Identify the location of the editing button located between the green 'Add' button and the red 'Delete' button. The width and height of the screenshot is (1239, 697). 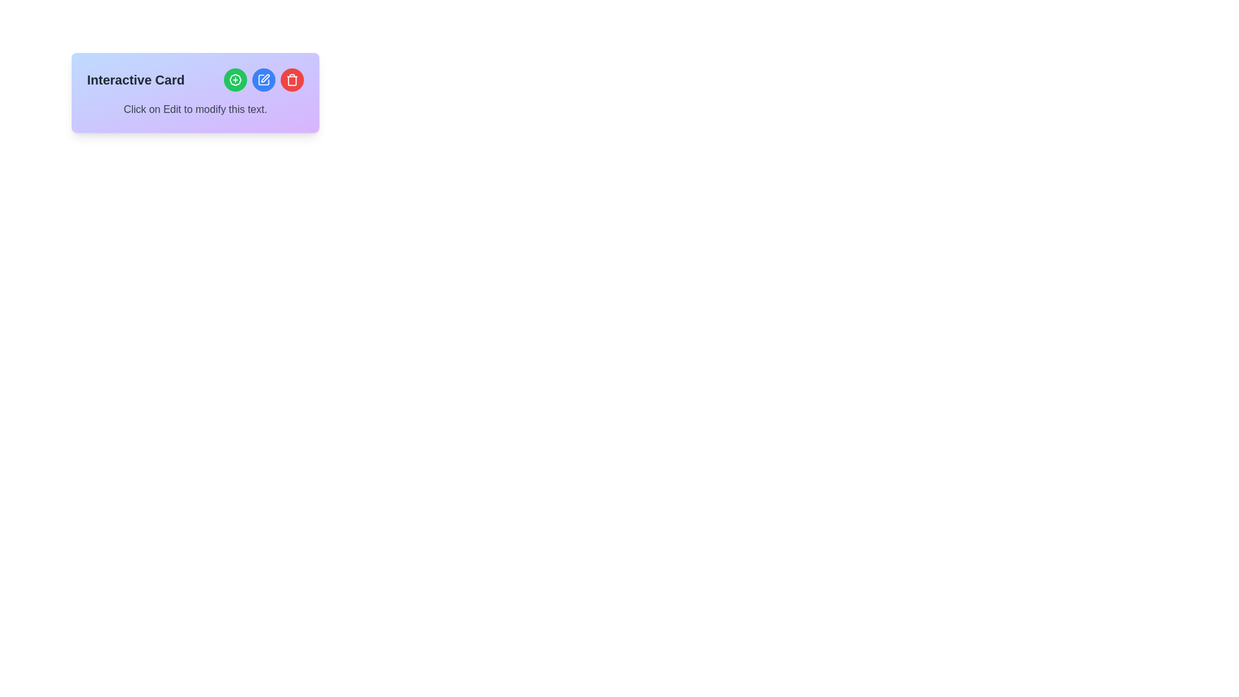
(263, 79).